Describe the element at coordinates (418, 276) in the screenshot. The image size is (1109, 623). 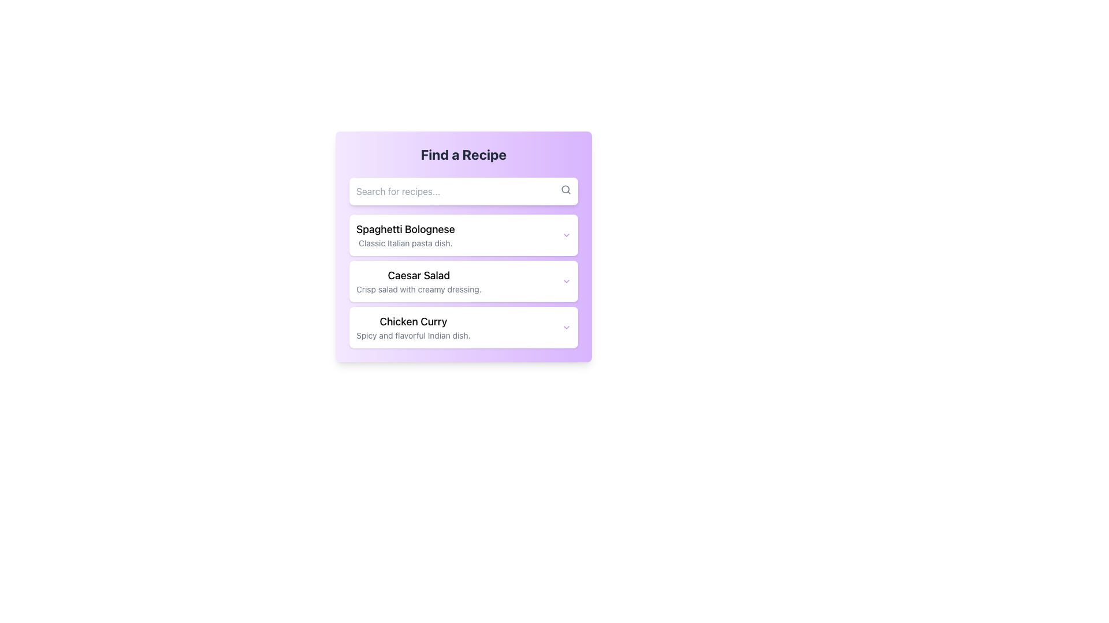
I see `text label displaying 'Caesar Salad' which is styled in bold and positioned centrally within a purple panel in the recipe list interface` at that location.